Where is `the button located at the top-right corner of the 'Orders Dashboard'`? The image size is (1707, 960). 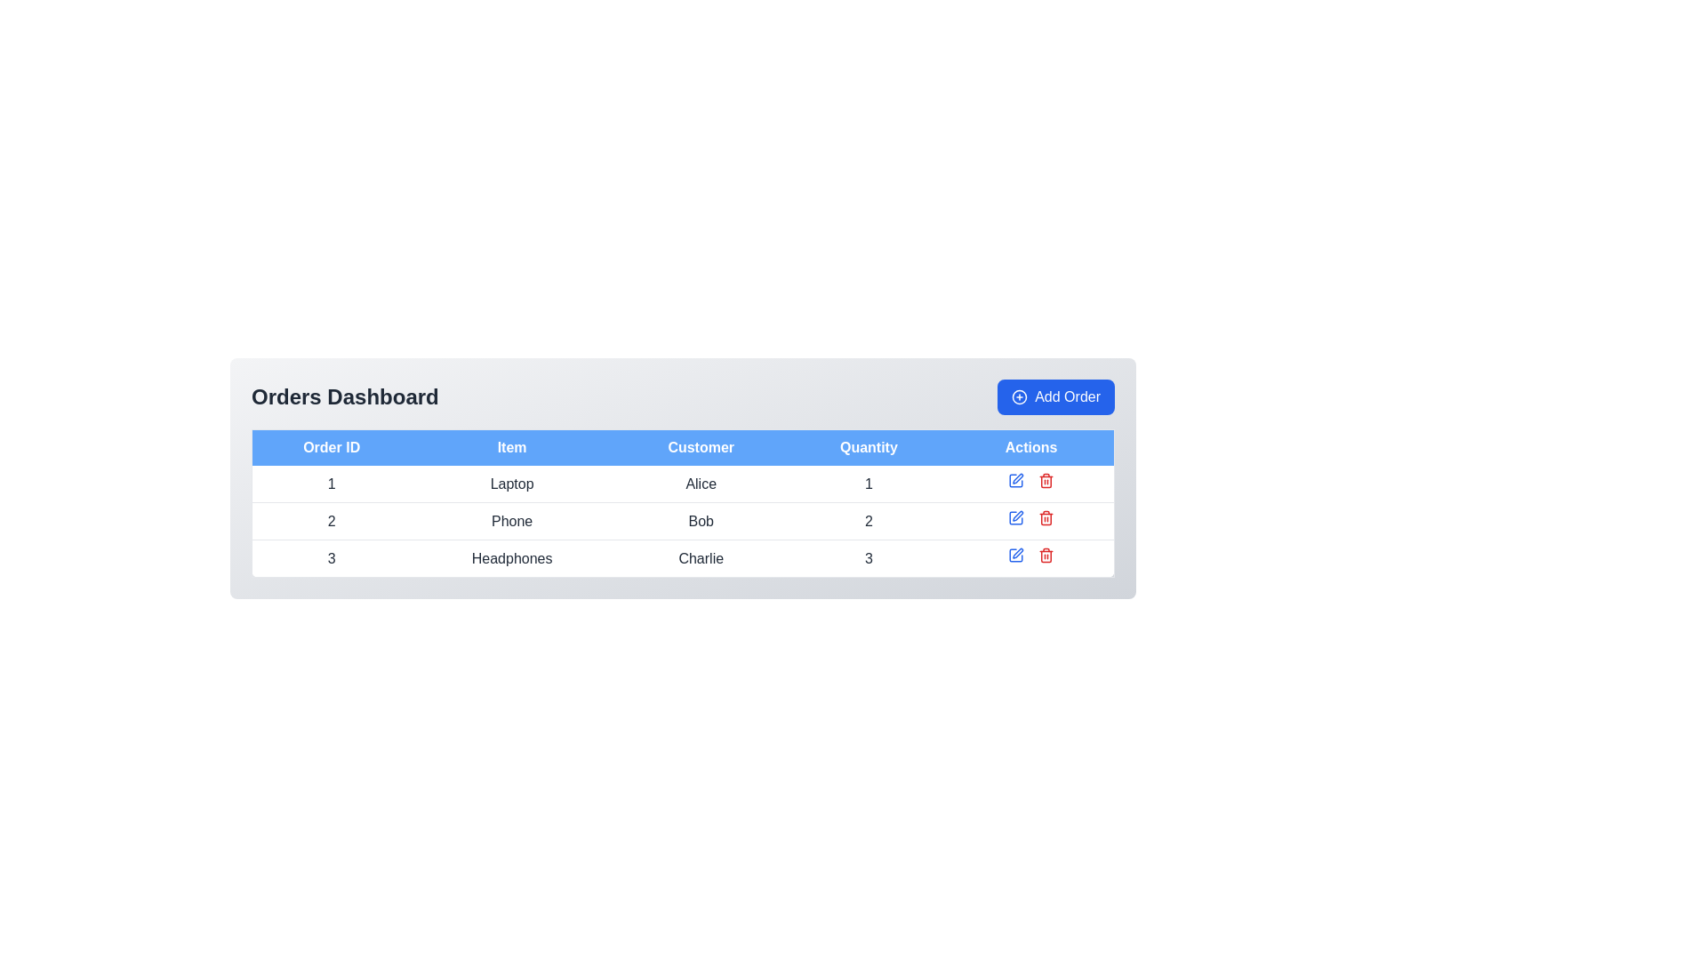
the button located at the top-right corner of the 'Orders Dashboard' is located at coordinates (1056, 396).